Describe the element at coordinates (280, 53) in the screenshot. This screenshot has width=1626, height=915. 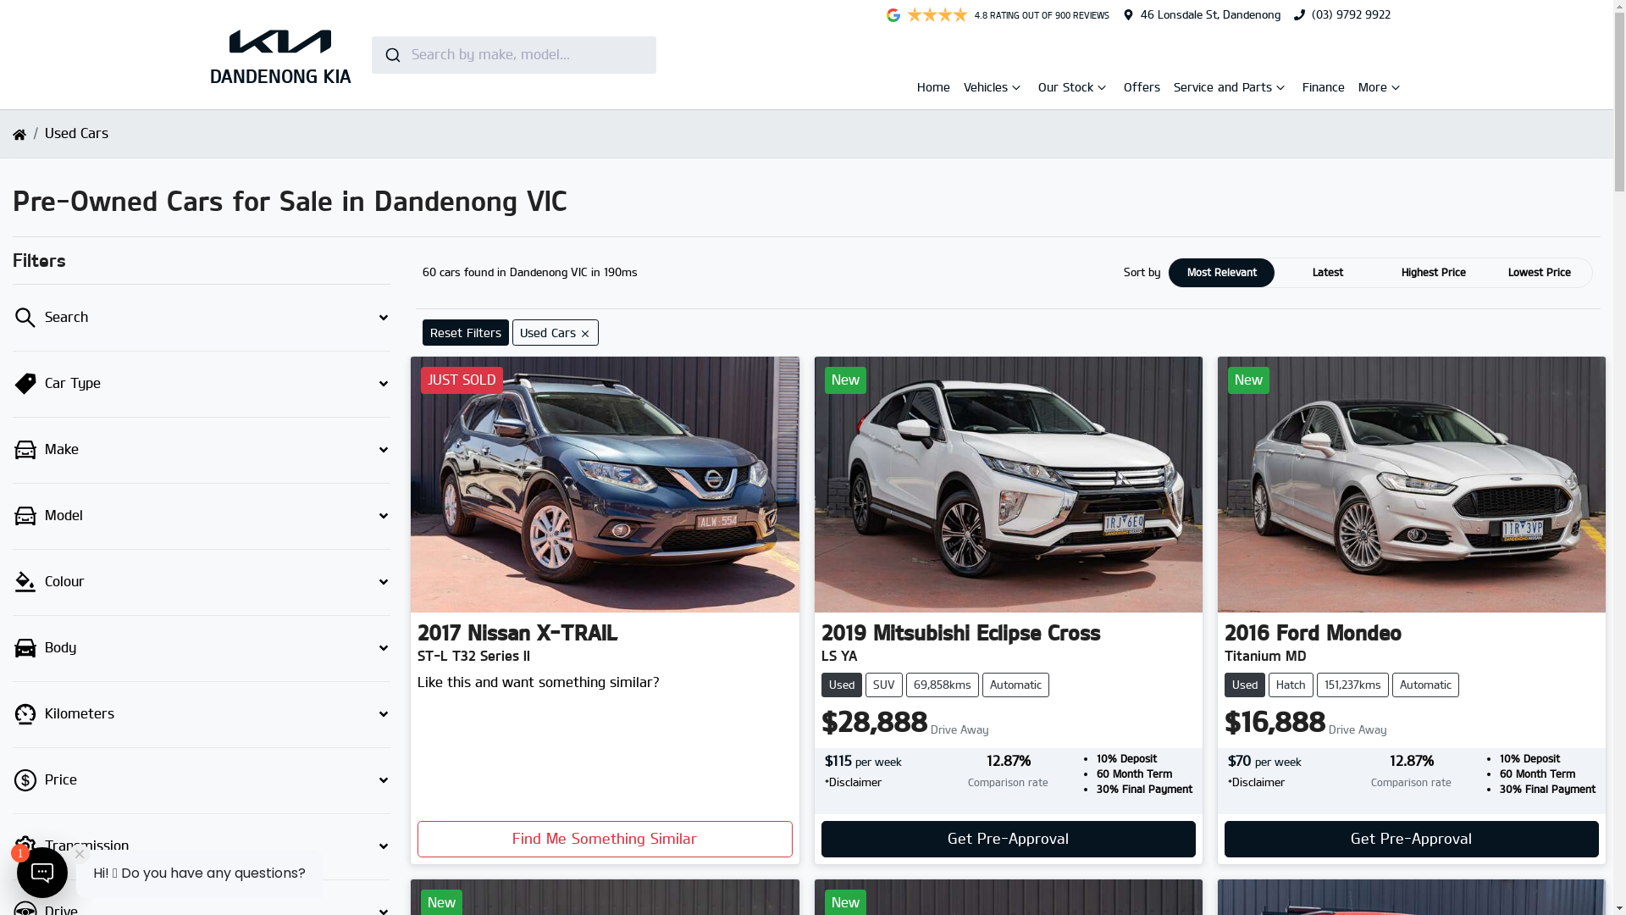
I see `'DANDENONG KIA'` at that location.